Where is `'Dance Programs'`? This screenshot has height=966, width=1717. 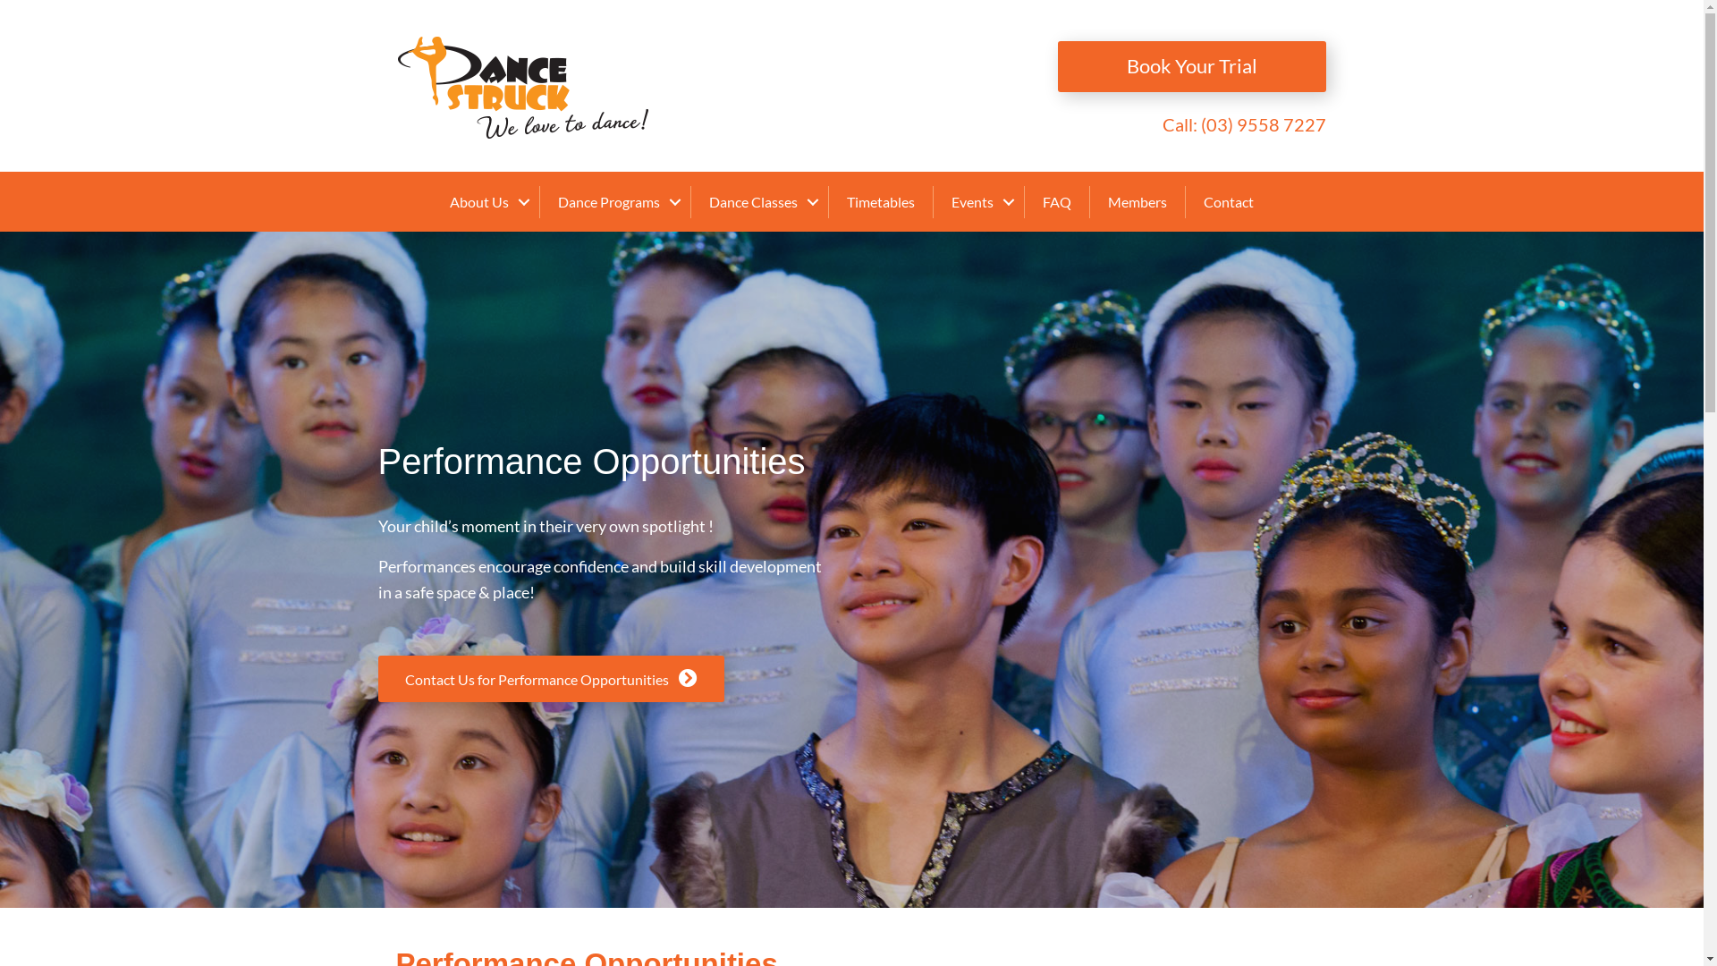 'Dance Programs' is located at coordinates (614, 201).